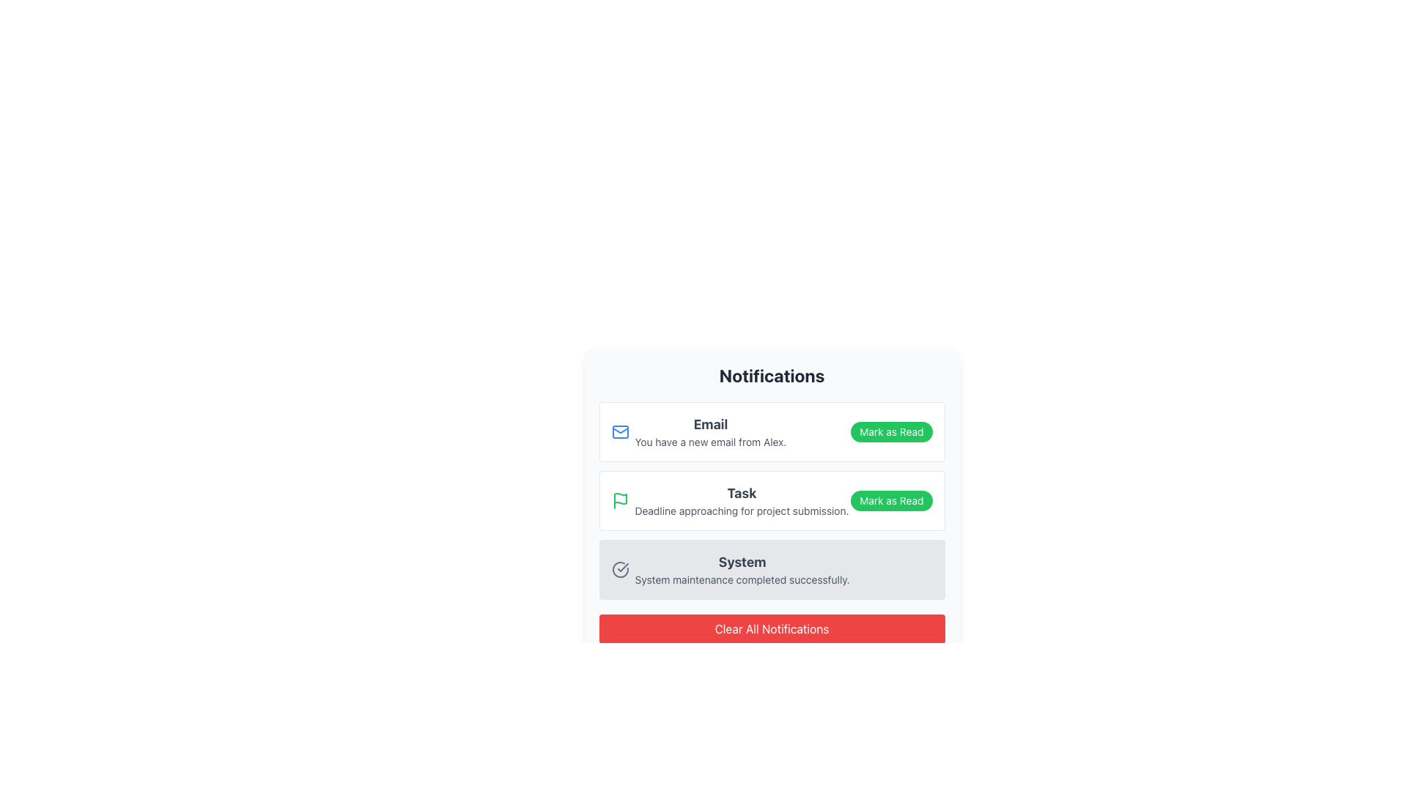 This screenshot has height=791, width=1407. Describe the element at coordinates (620, 500) in the screenshot. I see `the green flag icon located to the left of the 'Task' notification, which is part of the second notification item` at that location.